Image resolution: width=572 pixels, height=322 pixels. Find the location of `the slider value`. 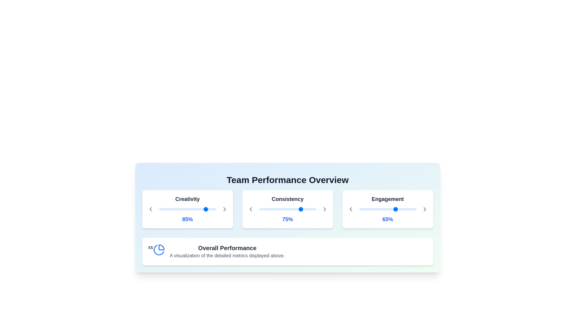

the slider value is located at coordinates (283, 209).